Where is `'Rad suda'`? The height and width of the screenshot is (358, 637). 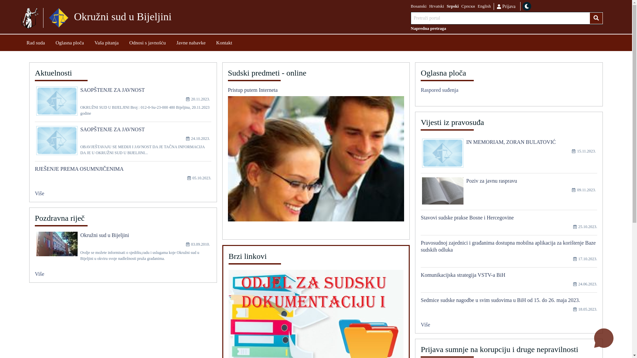
'Rad suda' is located at coordinates (35, 42).